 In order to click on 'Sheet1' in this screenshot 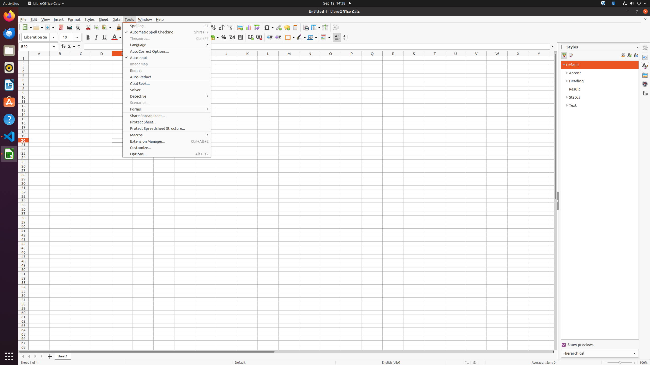, I will do `click(62, 356)`.